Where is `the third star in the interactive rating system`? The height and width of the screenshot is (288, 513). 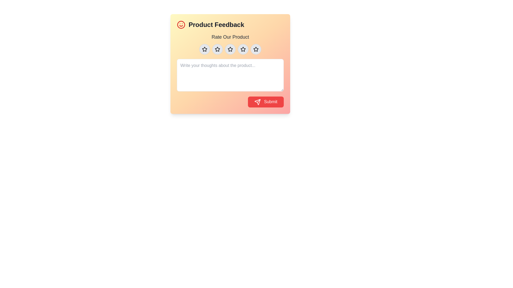 the third star in the interactive rating system is located at coordinates (230, 49).